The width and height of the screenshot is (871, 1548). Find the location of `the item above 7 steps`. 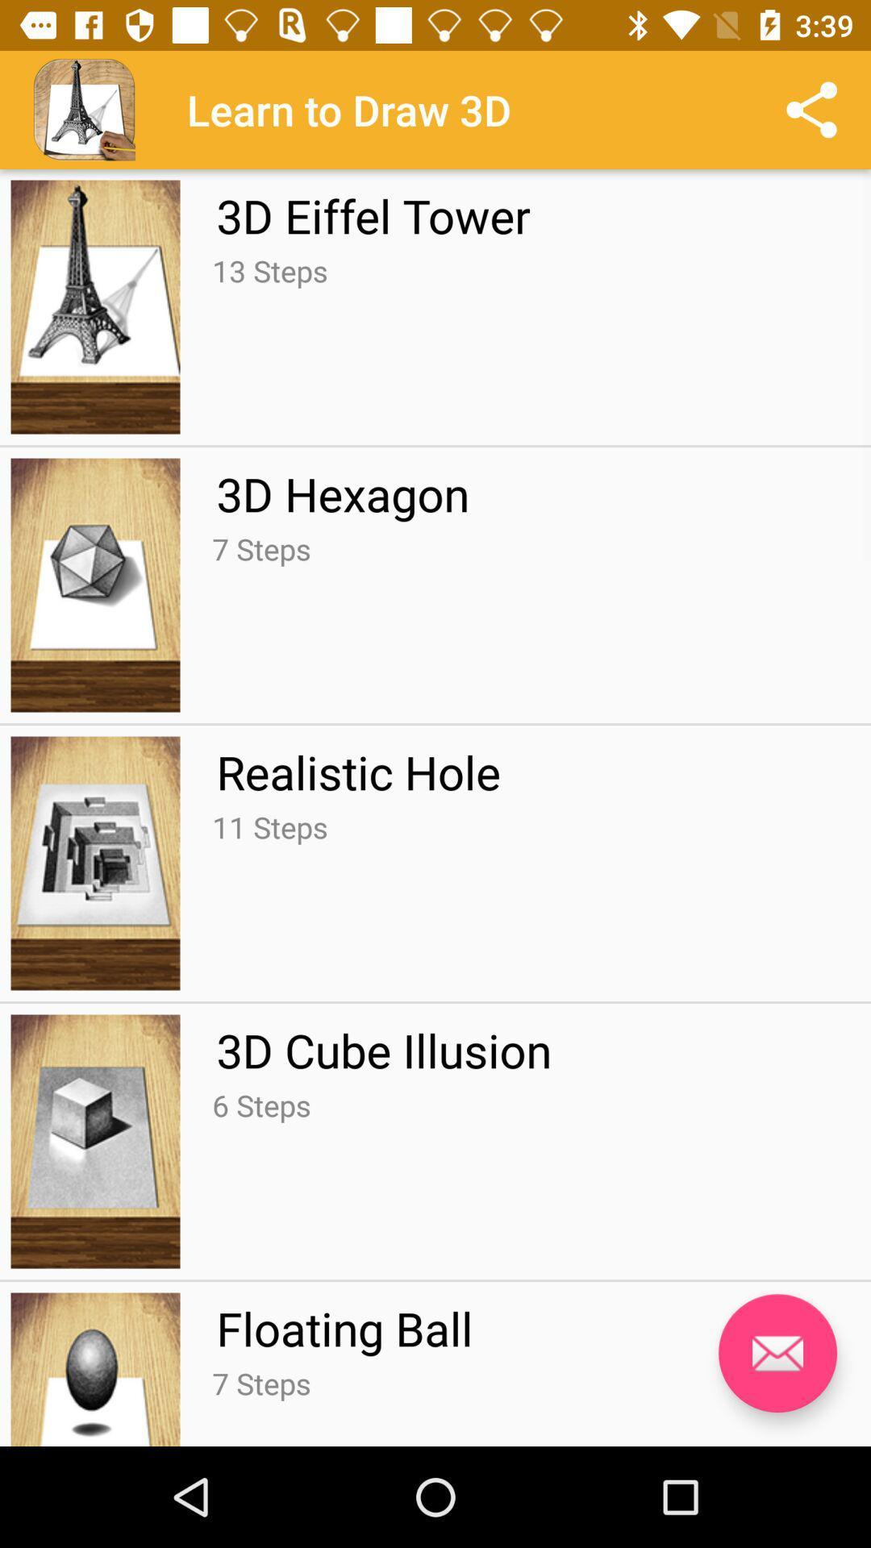

the item above 7 steps is located at coordinates (344, 1328).